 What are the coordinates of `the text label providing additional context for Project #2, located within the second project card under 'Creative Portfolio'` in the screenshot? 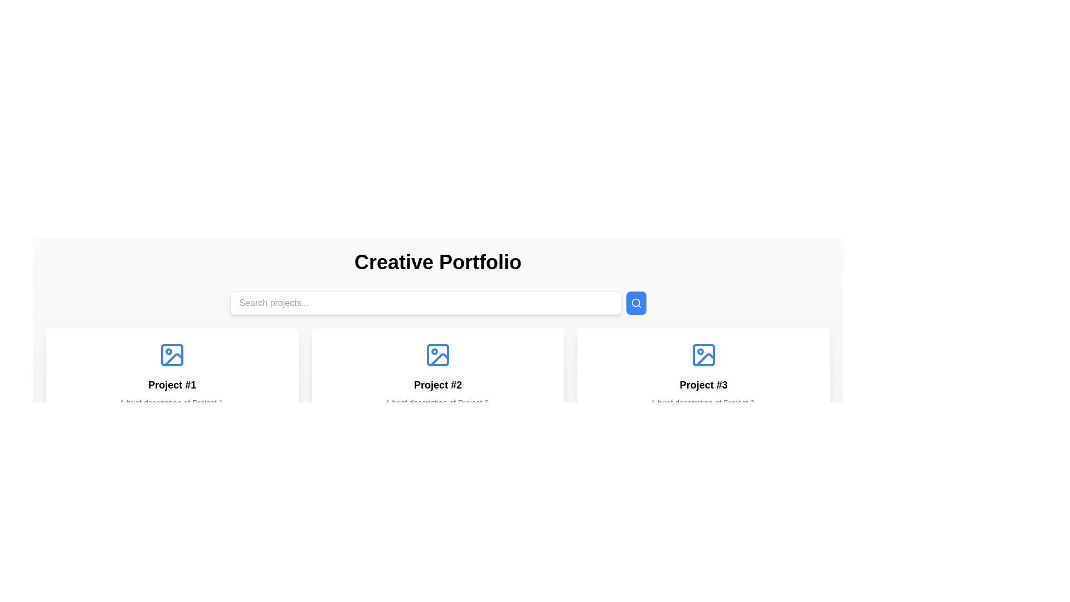 It's located at (437, 402).